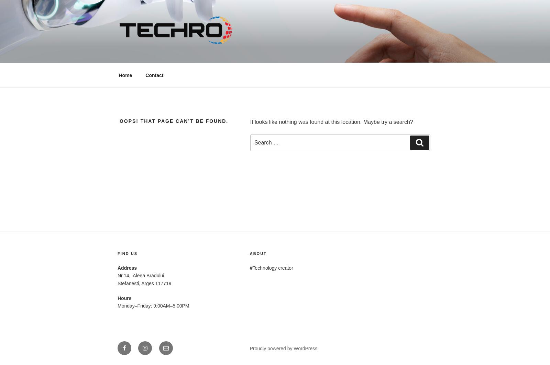 The image size is (550, 365). I want to click on 'Home', so click(118, 75).